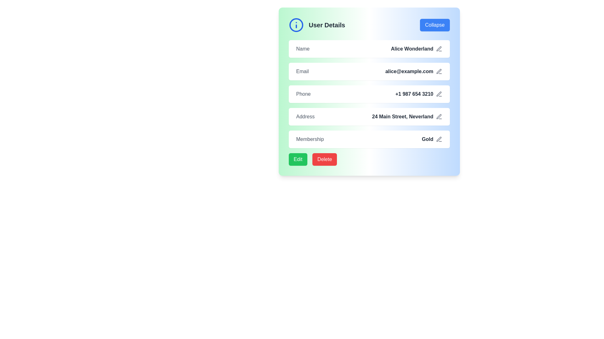 This screenshot has height=339, width=604. Describe the element at coordinates (439, 116) in the screenshot. I see `the pen icon button located to the right of the address text '24 Main Street, Neverland'` at that location.